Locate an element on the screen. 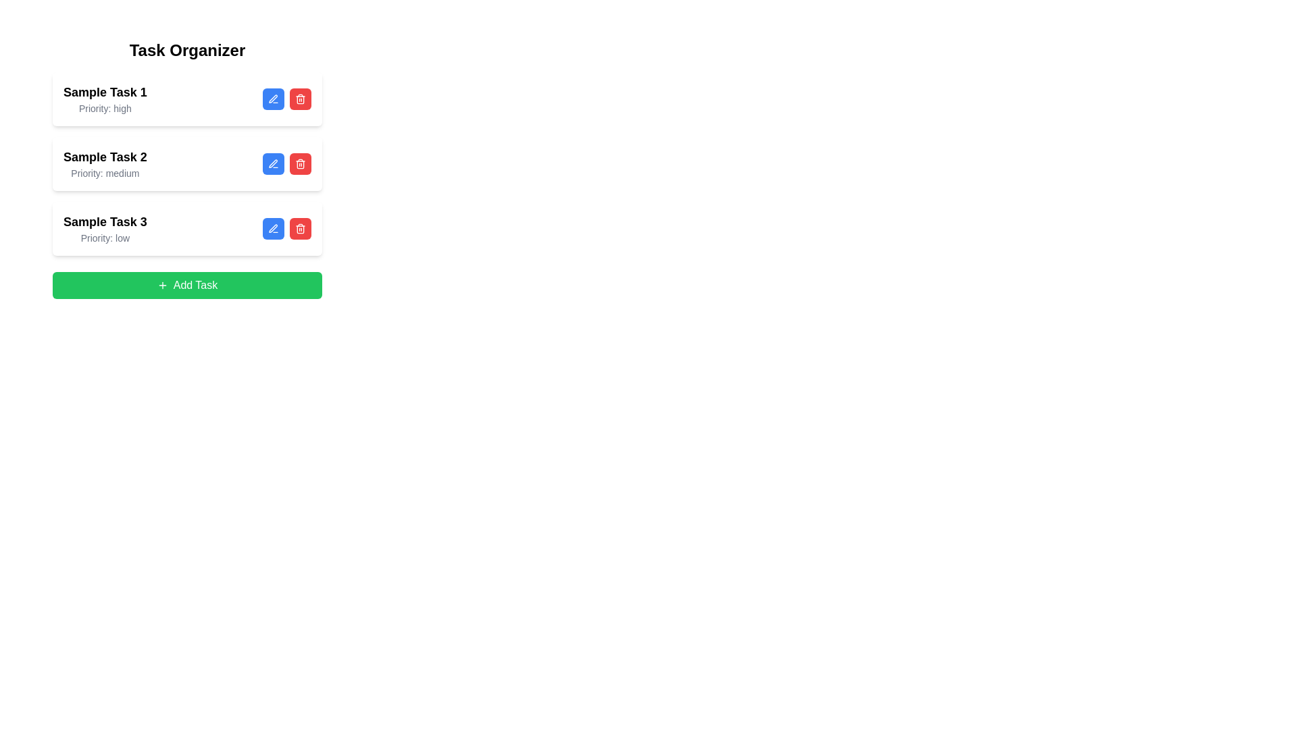  the blue rectangular button with rounded corners and a pencil icon is located at coordinates (272, 228).